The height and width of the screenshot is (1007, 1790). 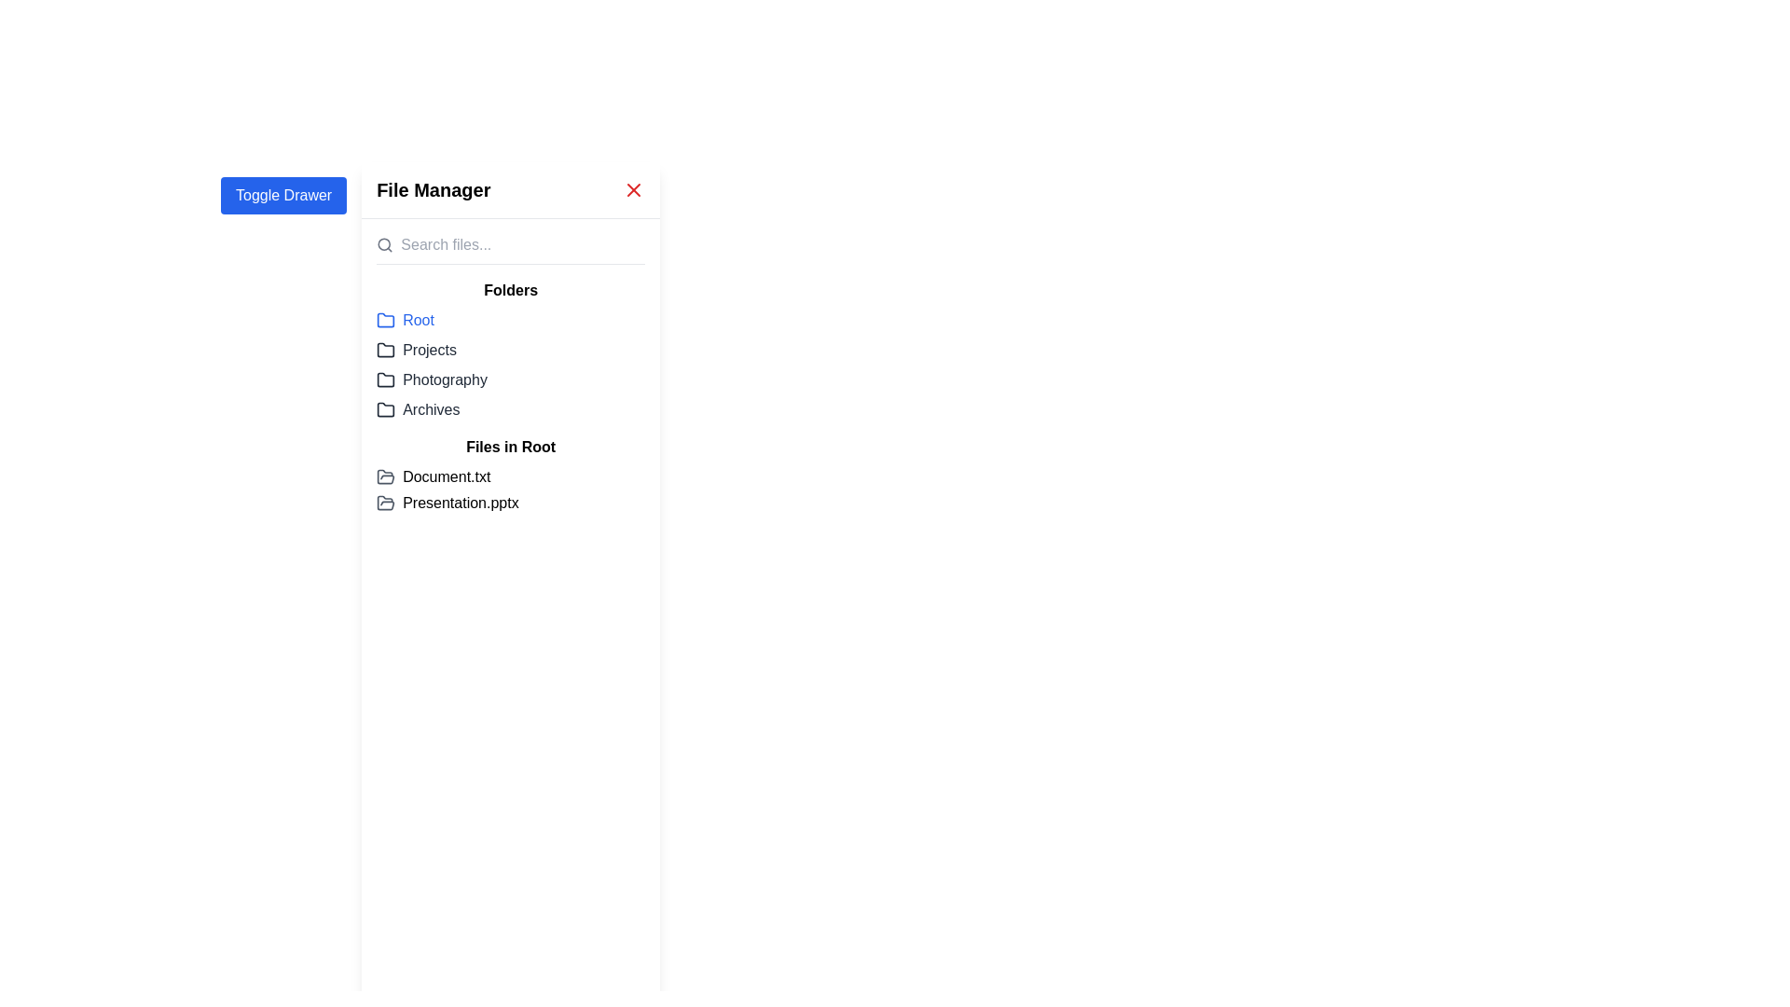 I want to click on the text label for the file named 'Document.txt', so click(x=446, y=476).